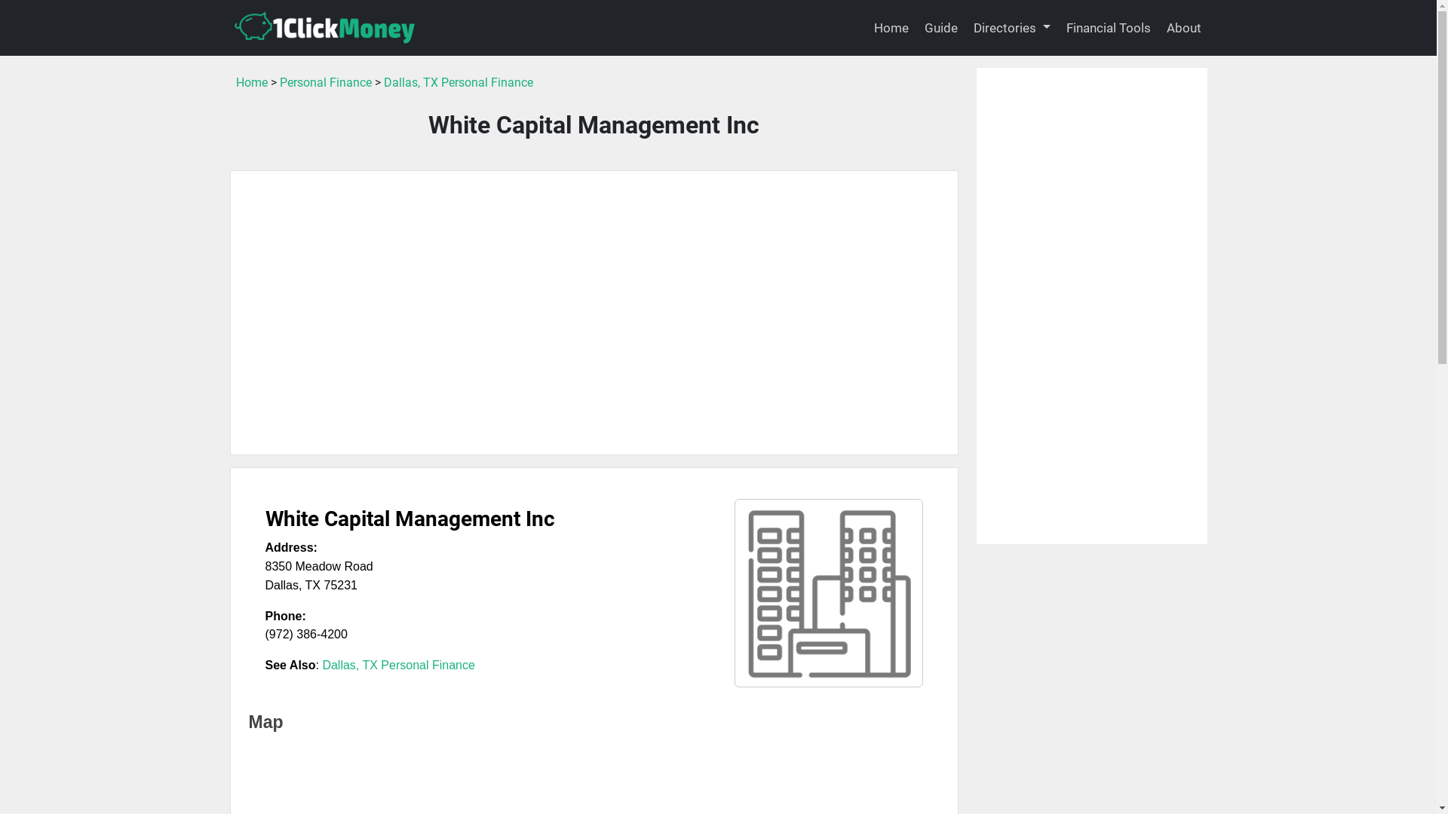  Describe the element at coordinates (456, 82) in the screenshot. I see `'Dallas, TX Personal Finance'` at that location.